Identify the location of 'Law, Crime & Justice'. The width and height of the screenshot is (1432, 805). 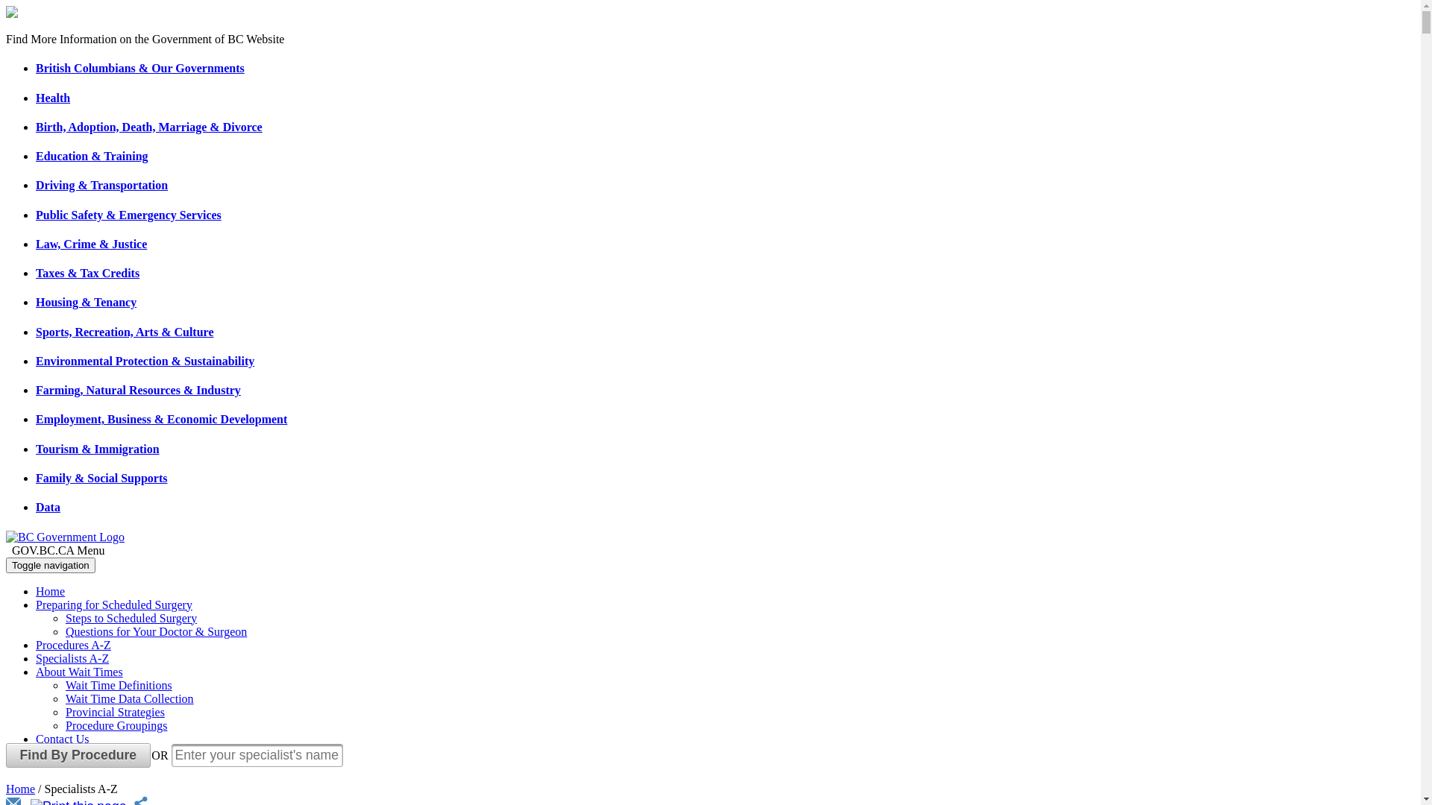
(36, 243).